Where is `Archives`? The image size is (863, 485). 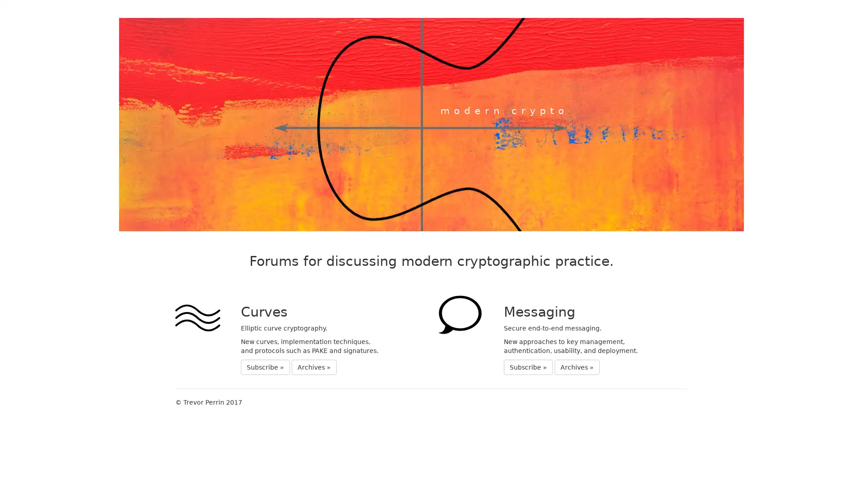
Archives is located at coordinates (314, 367).